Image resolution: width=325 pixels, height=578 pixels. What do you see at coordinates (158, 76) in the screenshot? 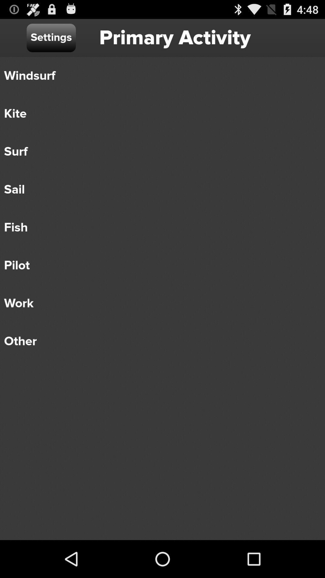
I see `windsurf icon` at bounding box center [158, 76].